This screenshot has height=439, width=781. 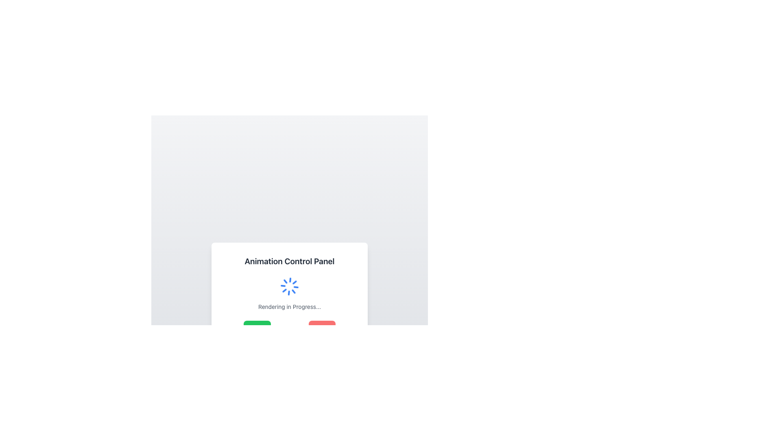 What do you see at coordinates (289, 328) in the screenshot?
I see `the 'Start' button, which is green and part of the composite element containing two buttons labeled 'Start' and 'Stop' in the Animation Control Panel` at bounding box center [289, 328].